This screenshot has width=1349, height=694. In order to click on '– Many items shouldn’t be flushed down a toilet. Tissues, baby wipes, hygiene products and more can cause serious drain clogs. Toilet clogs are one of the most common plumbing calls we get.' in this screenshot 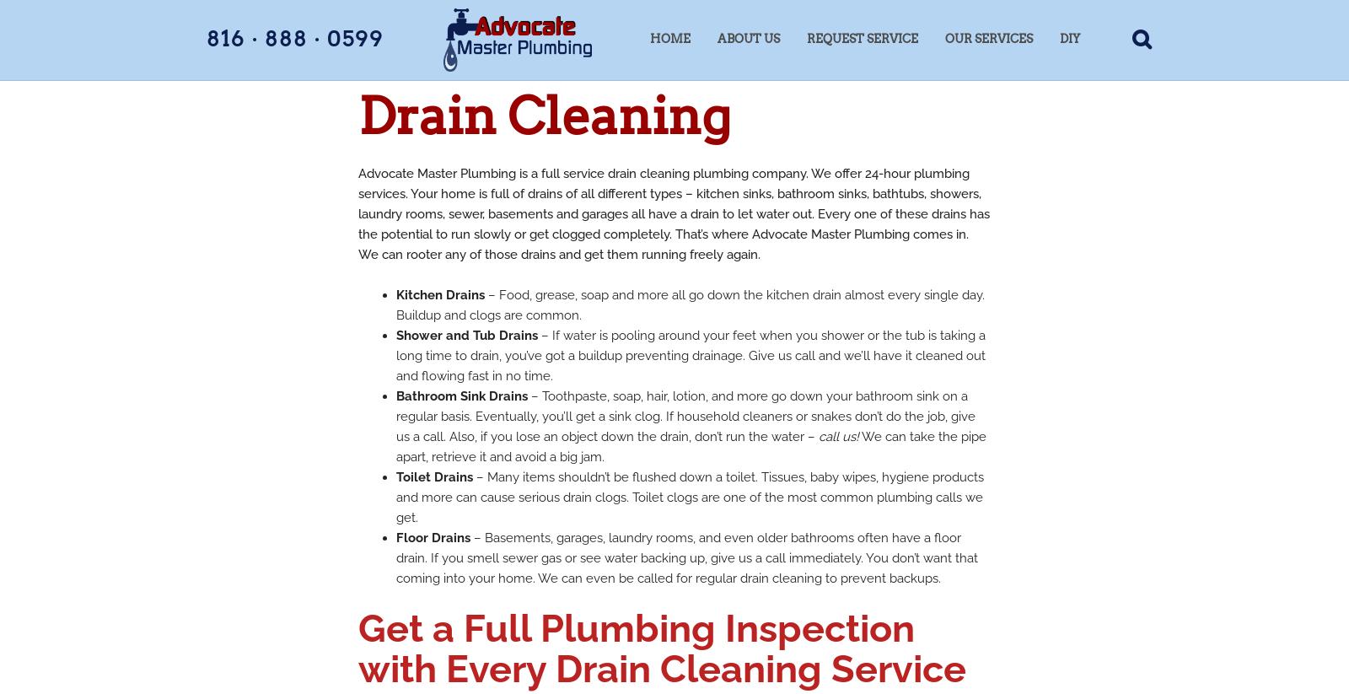, I will do `click(689, 498)`.